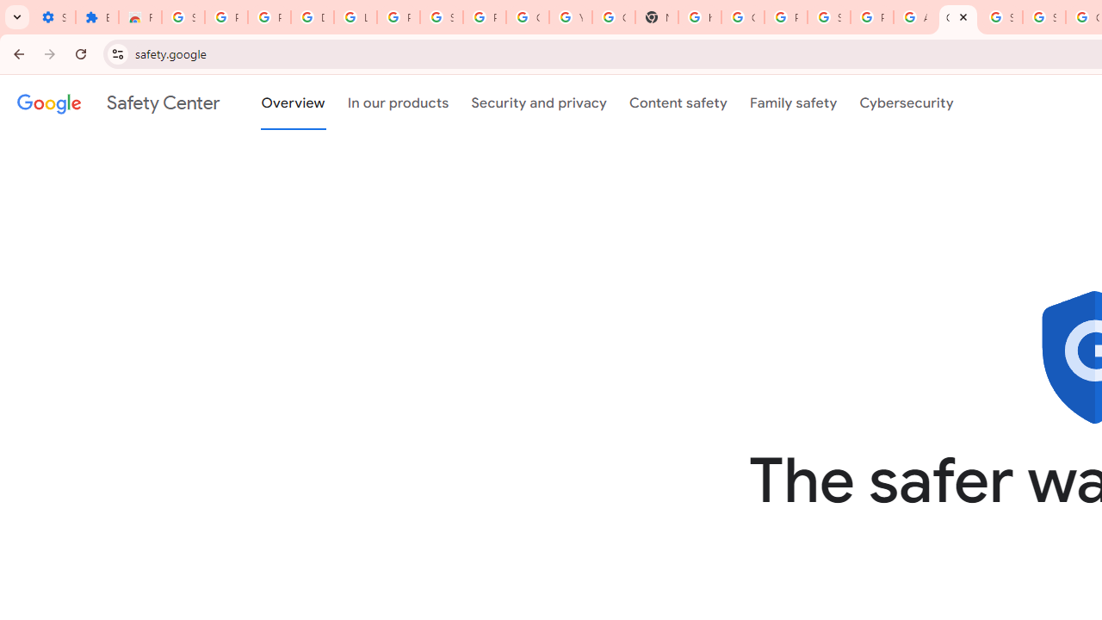  What do you see at coordinates (792, 102) in the screenshot?
I see `'Family safety'` at bounding box center [792, 102].